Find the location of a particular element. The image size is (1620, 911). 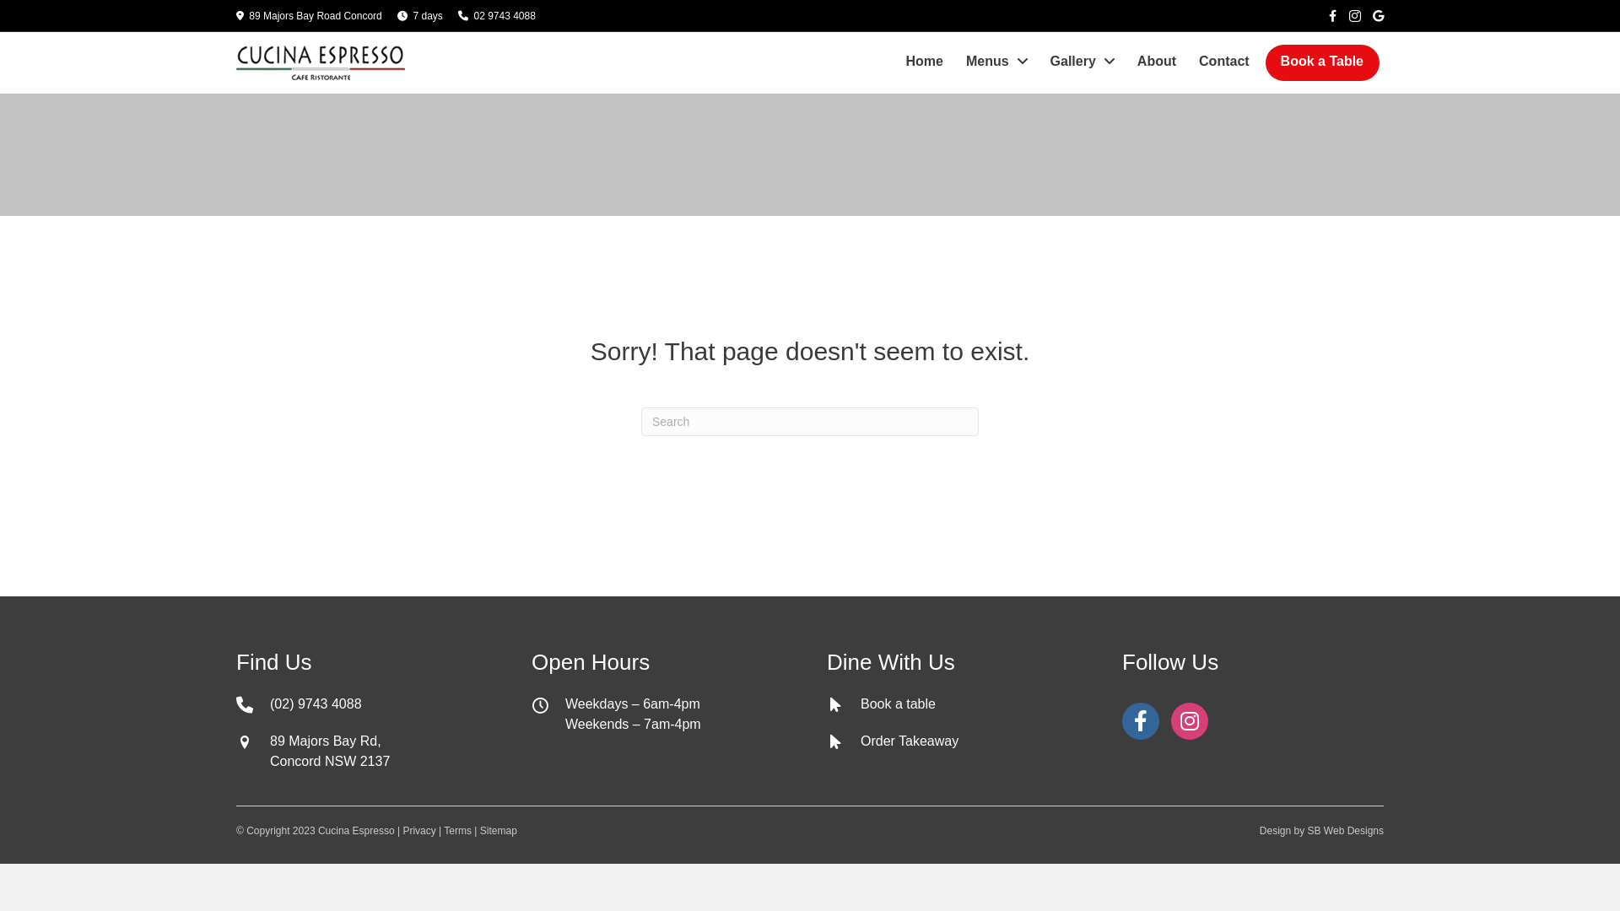

'About' is located at coordinates (1156, 61).